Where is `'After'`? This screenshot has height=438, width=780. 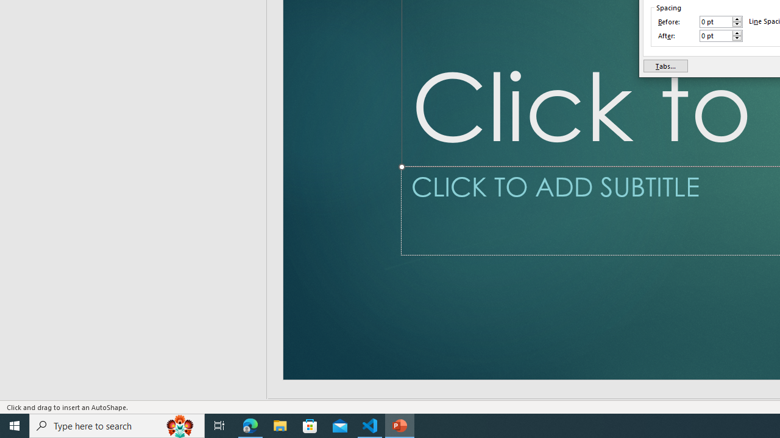 'After' is located at coordinates (721, 35).